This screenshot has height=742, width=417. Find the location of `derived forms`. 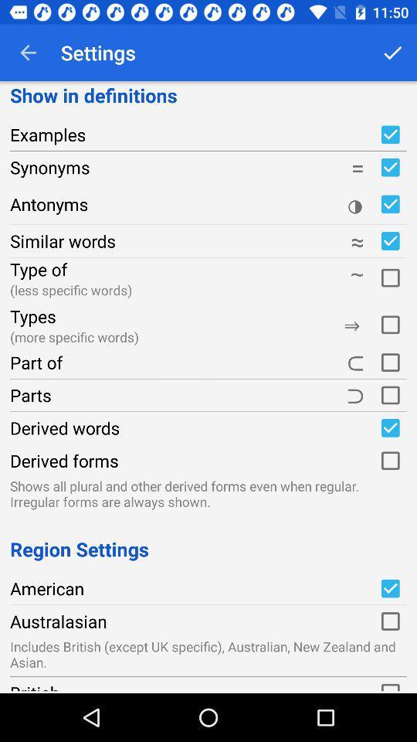

derived forms is located at coordinates (389, 461).